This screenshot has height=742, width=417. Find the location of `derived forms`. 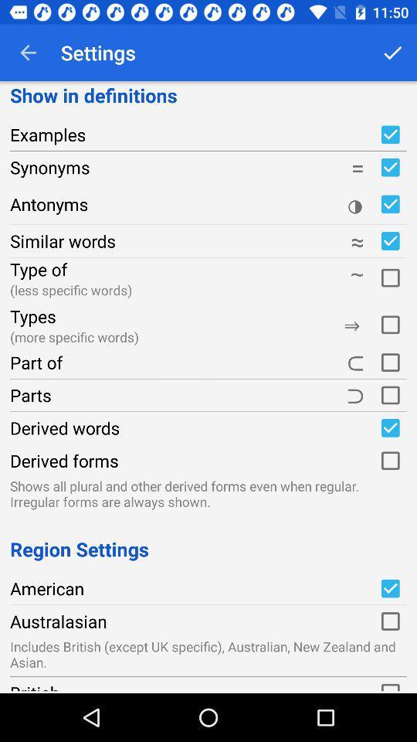

derived forms is located at coordinates (389, 461).